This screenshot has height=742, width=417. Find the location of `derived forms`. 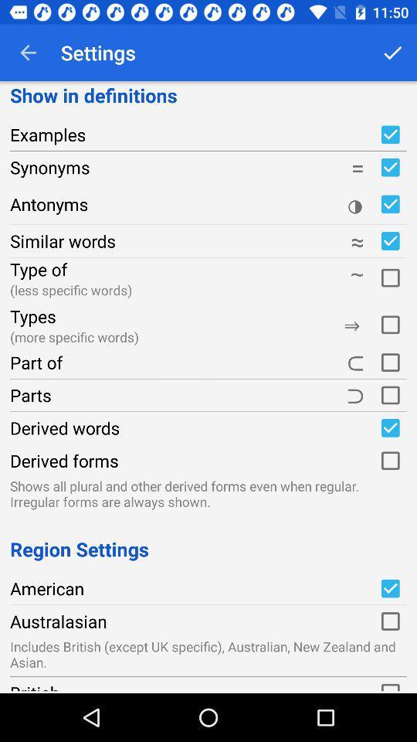

derived forms is located at coordinates (389, 461).